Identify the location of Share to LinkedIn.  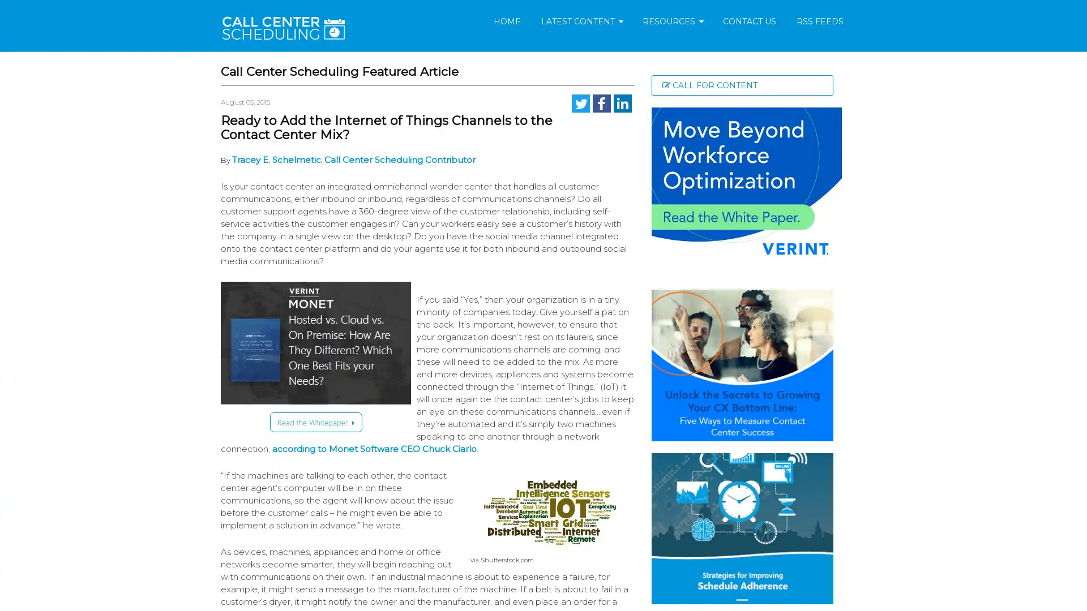
(622, 103).